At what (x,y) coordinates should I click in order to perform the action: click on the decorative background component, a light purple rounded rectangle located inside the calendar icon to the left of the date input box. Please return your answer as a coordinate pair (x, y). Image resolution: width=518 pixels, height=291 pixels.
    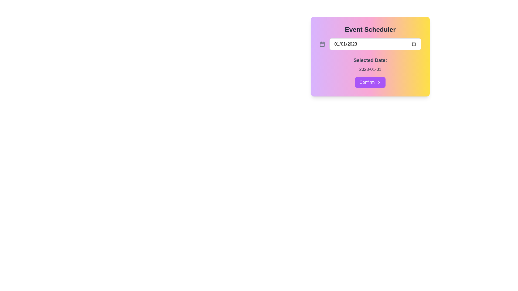
    Looking at the image, I should click on (322, 44).